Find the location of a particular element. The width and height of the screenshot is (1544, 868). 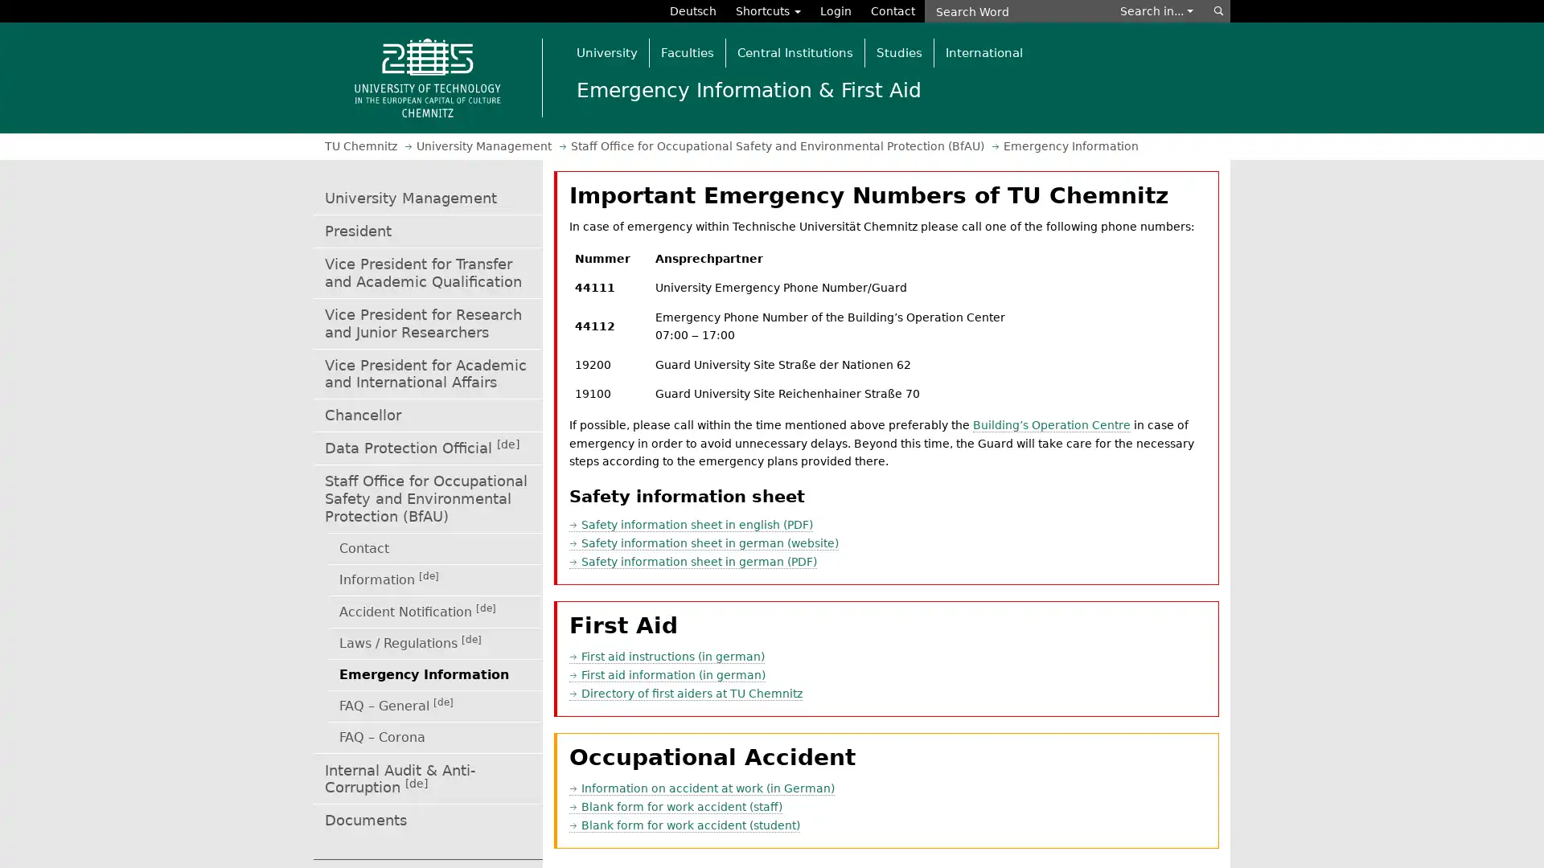

Studies is located at coordinates (898, 51).